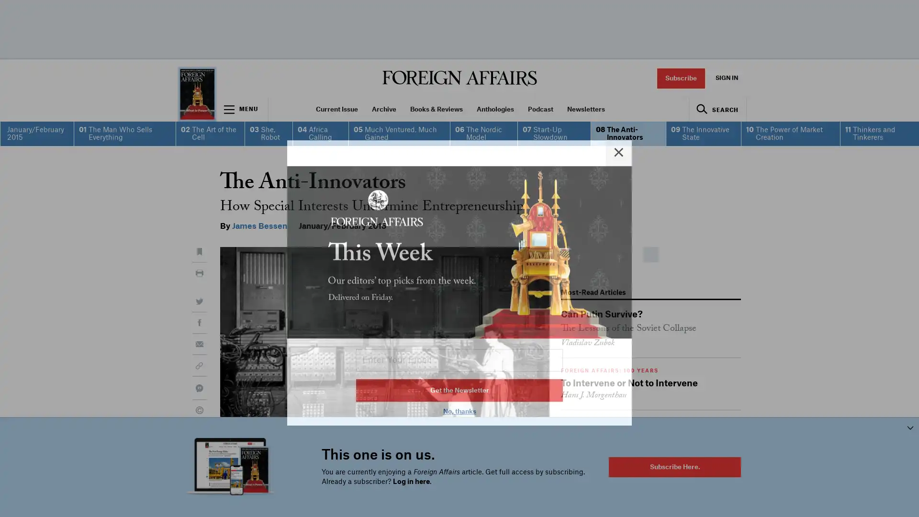 The width and height of the screenshot is (919, 517). What do you see at coordinates (336, 109) in the screenshot?
I see `Current Issue` at bounding box center [336, 109].